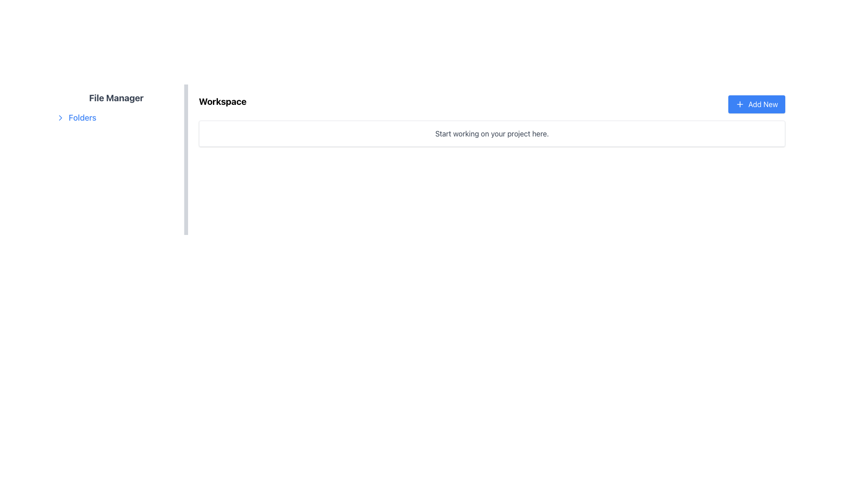 Image resolution: width=868 pixels, height=488 pixels. What do you see at coordinates (76, 117) in the screenshot?
I see `the bold blue text link labeled 'Folders' with a chevron icon` at bounding box center [76, 117].